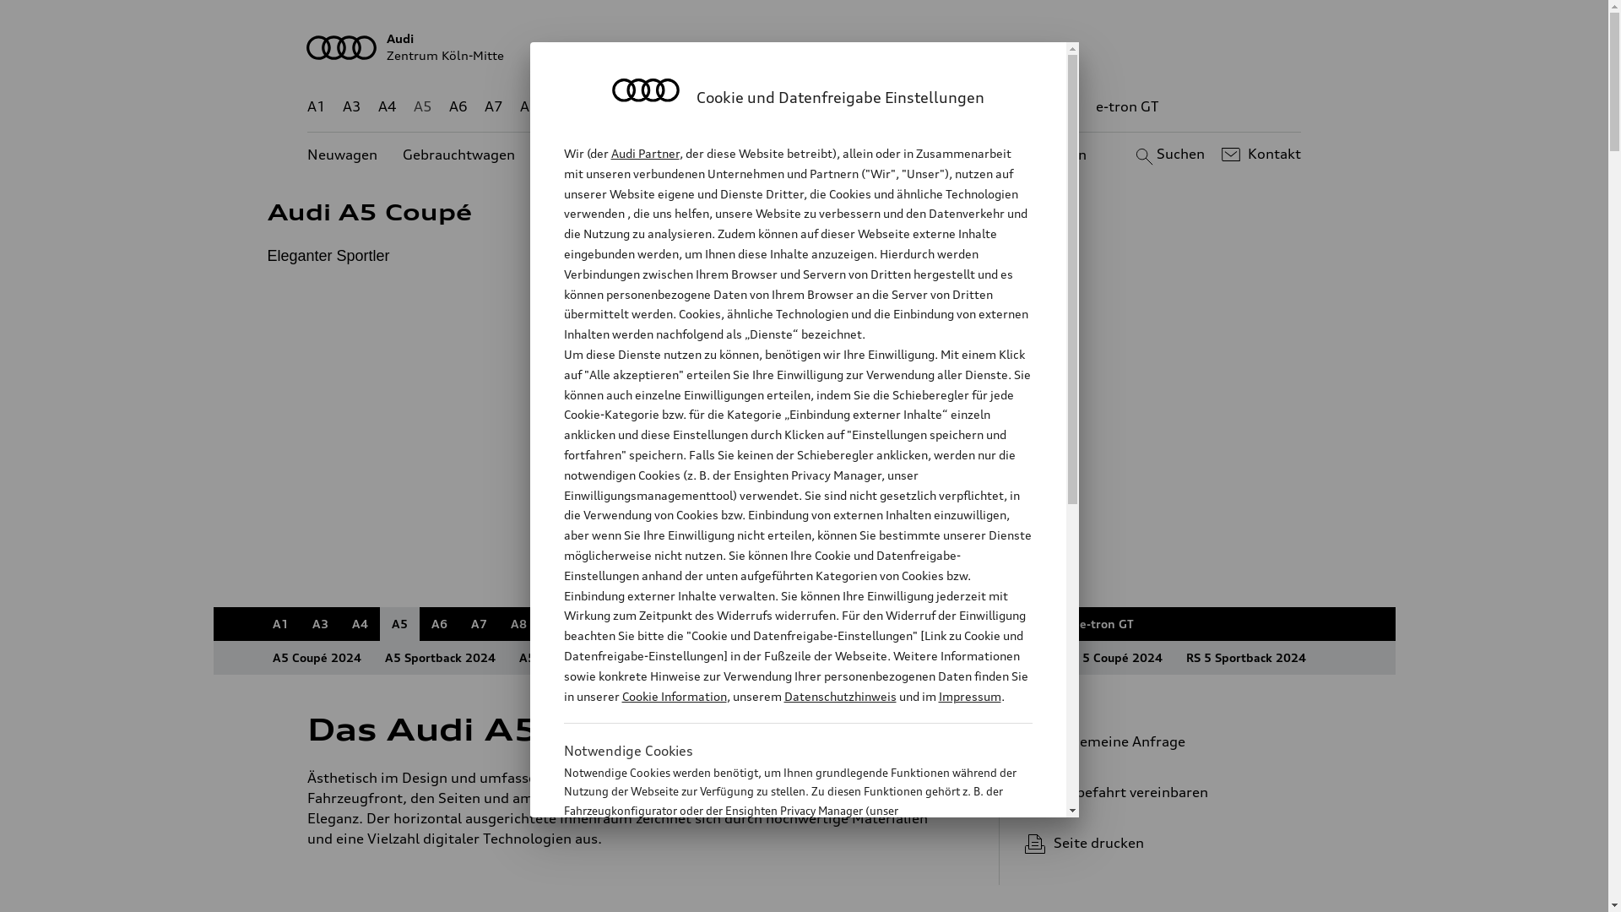  I want to click on 'Q2', so click(565, 106).